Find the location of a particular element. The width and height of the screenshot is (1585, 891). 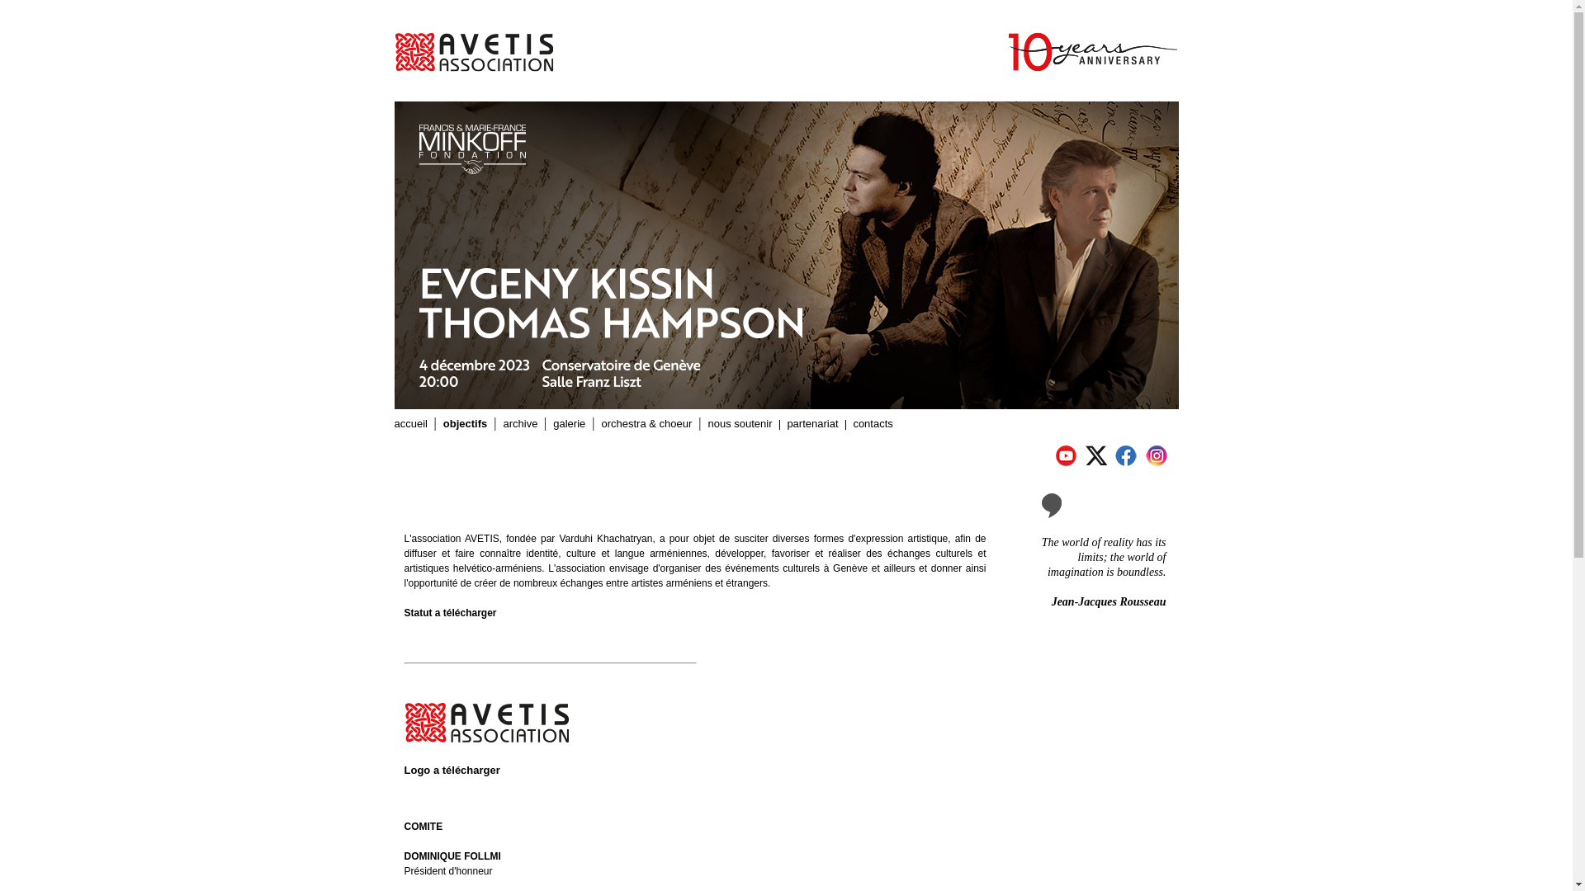

'archive' is located at coordinates (518, 422).